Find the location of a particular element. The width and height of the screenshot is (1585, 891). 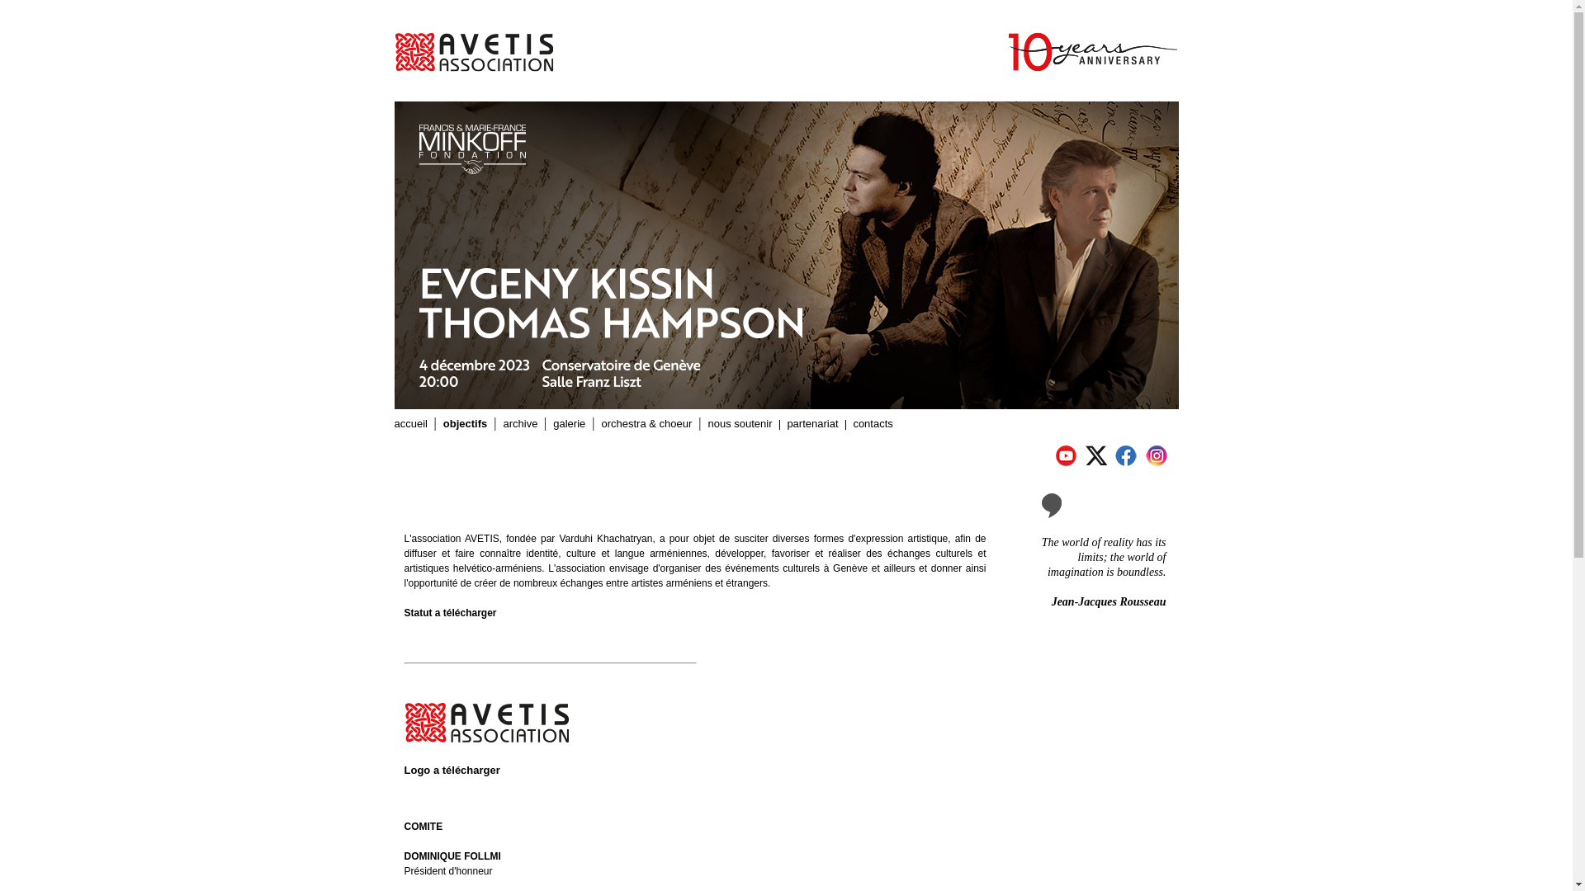

'archive' is located at coordinates (518, 422).